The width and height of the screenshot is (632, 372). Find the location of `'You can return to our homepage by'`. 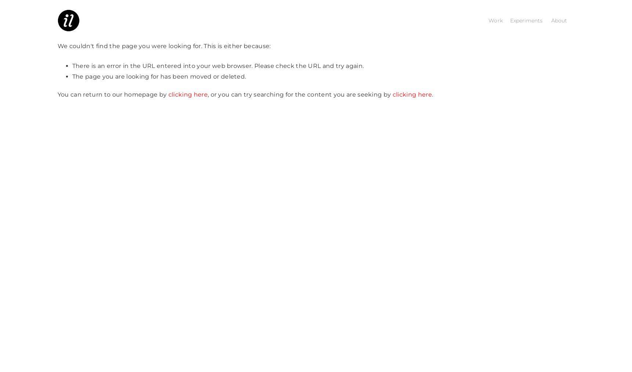

'You can return to our homepage by' is located at coordinates (113, 94).